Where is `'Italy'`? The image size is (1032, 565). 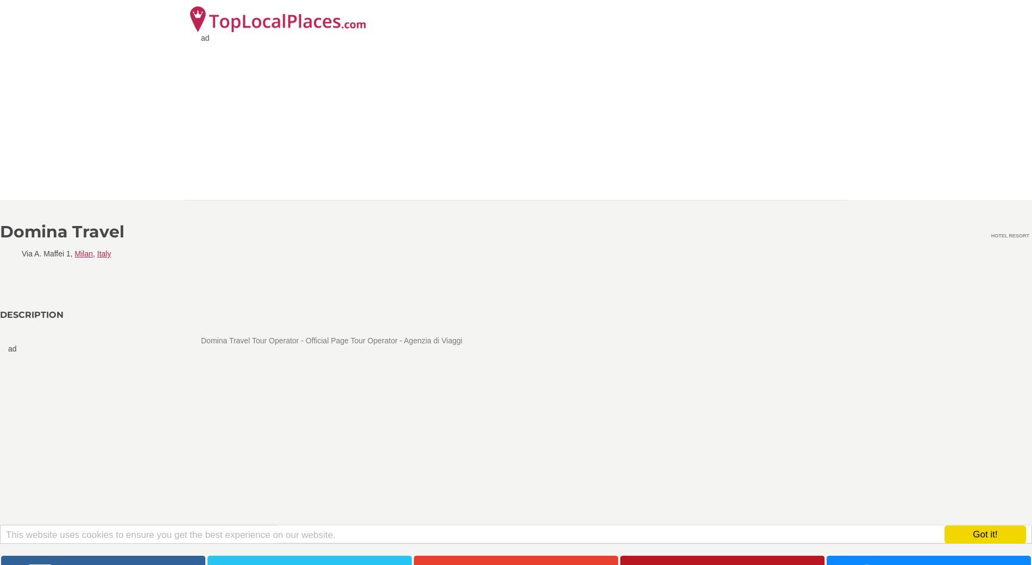
'Italy' is located at coordinates (103, 253).